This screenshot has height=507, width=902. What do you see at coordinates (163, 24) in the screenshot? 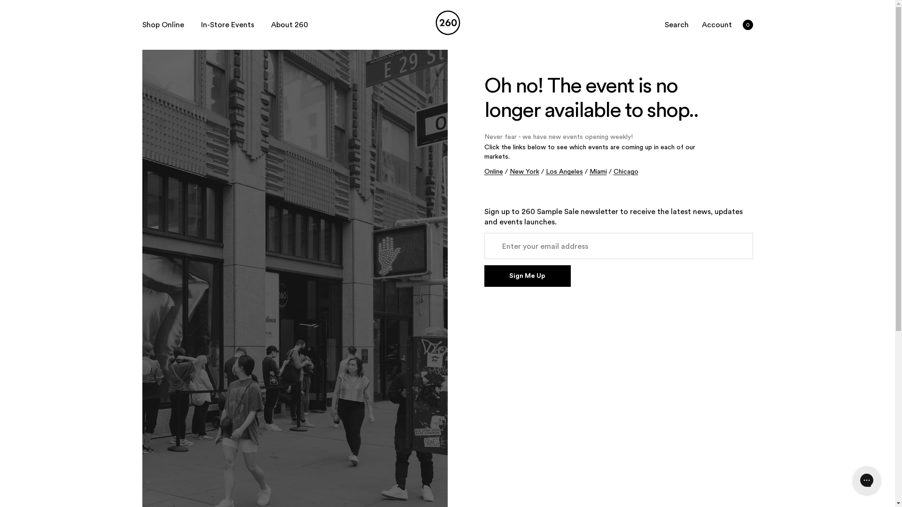
I see `'Shop Online'` at bounding box center [163, 24].